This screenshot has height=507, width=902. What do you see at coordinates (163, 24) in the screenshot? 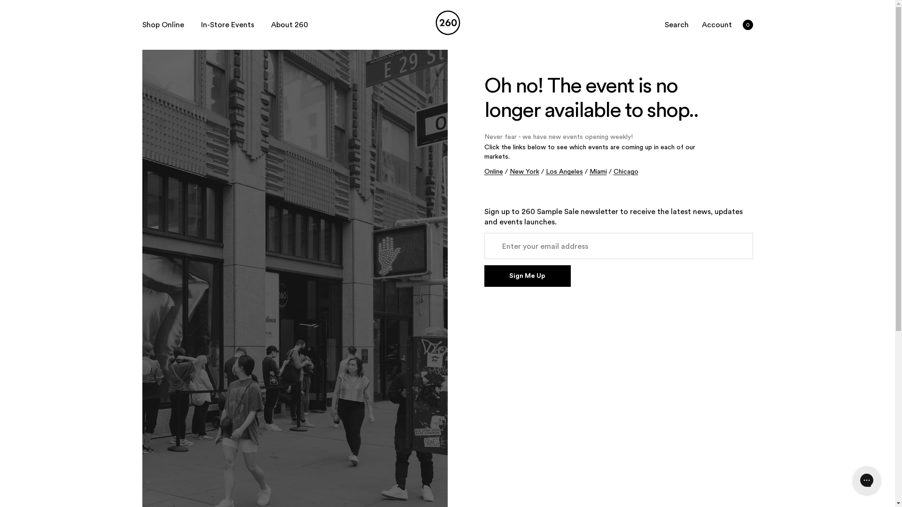
I see `'Shop Online'` at bounding box center [163, 24].